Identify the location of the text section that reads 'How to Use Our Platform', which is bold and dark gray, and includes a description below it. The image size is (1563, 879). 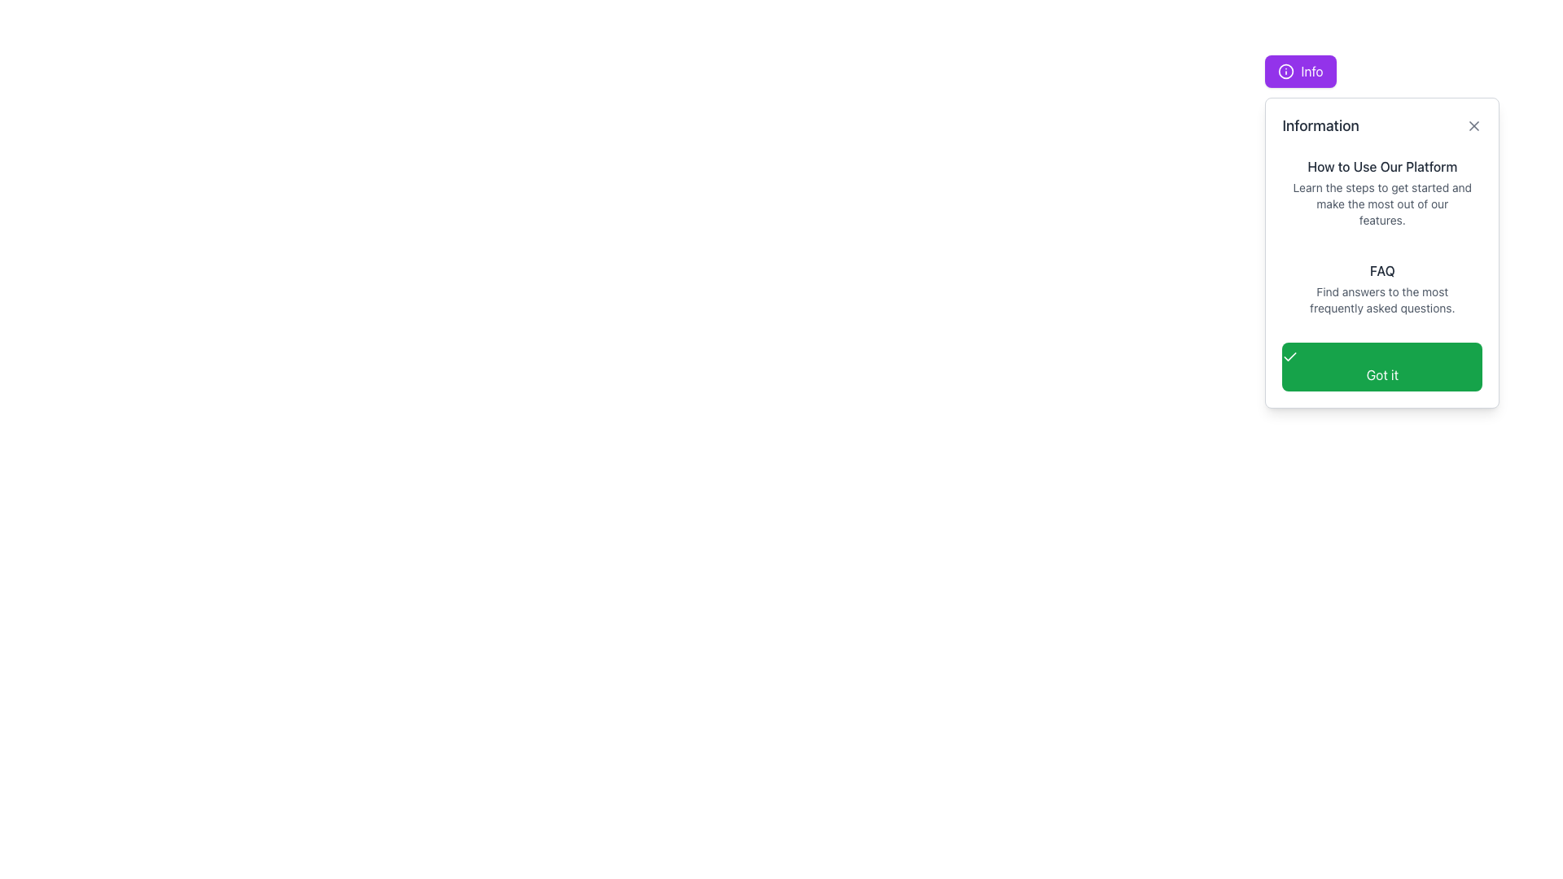
(1381, 191).